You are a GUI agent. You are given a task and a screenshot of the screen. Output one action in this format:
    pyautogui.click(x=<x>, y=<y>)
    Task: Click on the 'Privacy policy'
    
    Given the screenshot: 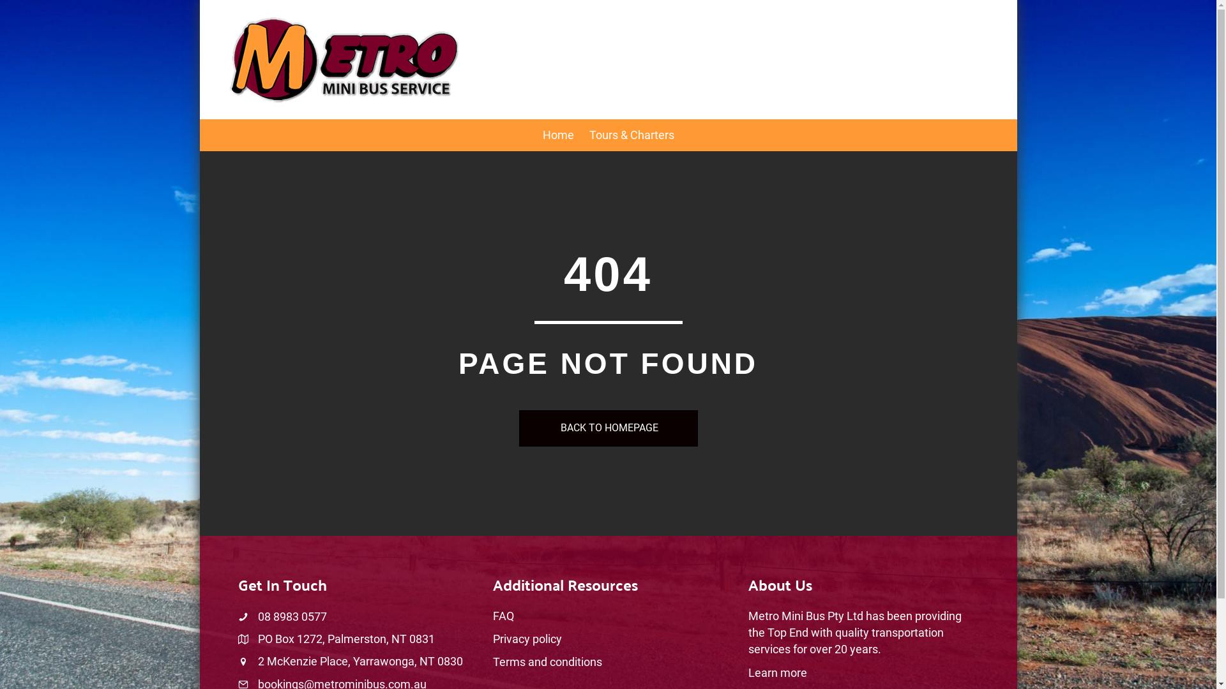 What is the action you would take?
    pyautogui.click(x=492, y=639)
    